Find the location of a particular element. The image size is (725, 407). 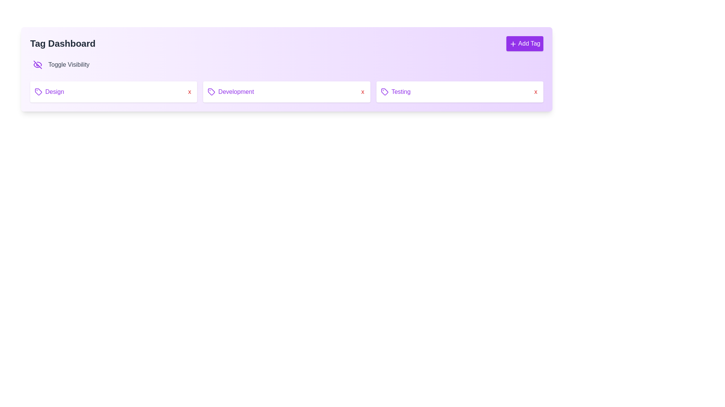

the button within the 'Development' tag is located at coordinates (190, 91).